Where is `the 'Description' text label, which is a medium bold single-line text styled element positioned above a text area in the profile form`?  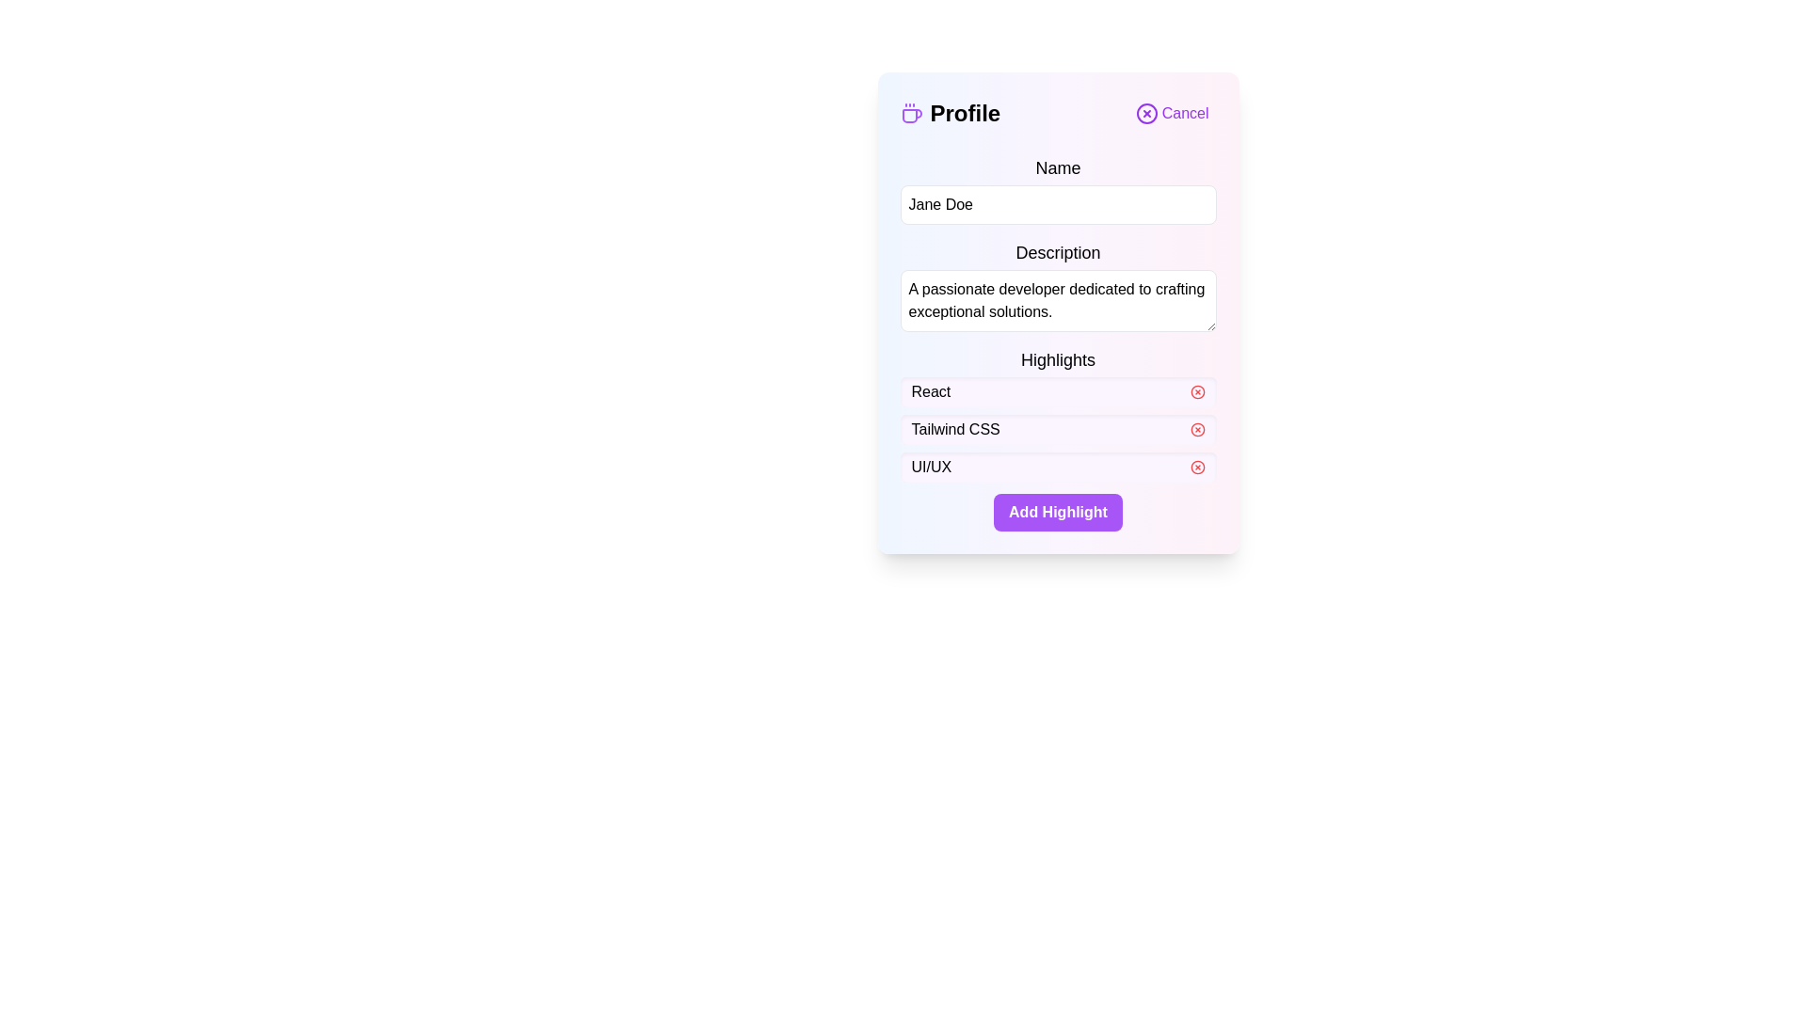 the 'Description' text label, which is a medium bold single-line text styled element positioned above a text area in the profile form is located at coordinates (1058, 252).